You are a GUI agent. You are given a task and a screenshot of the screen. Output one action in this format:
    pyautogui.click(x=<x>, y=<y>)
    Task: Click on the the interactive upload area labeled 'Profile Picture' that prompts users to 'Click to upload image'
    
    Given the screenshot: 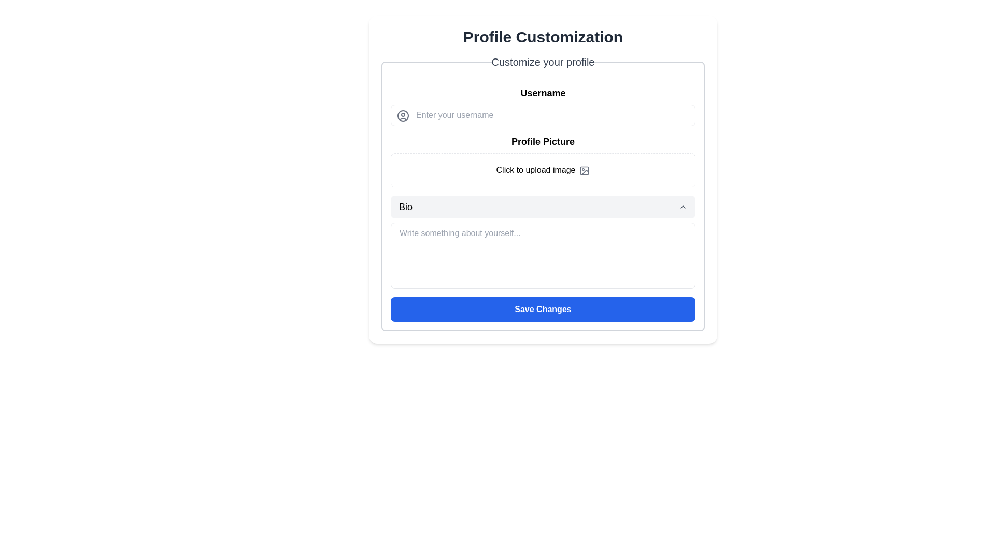 What is the action you would take?
    pyautogui.click(x=542, y=161)
    